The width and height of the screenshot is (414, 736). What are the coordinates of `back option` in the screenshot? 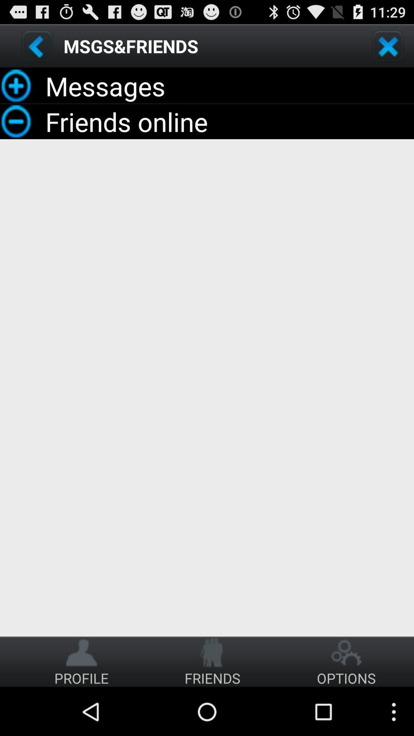 It's located at (37, 46).